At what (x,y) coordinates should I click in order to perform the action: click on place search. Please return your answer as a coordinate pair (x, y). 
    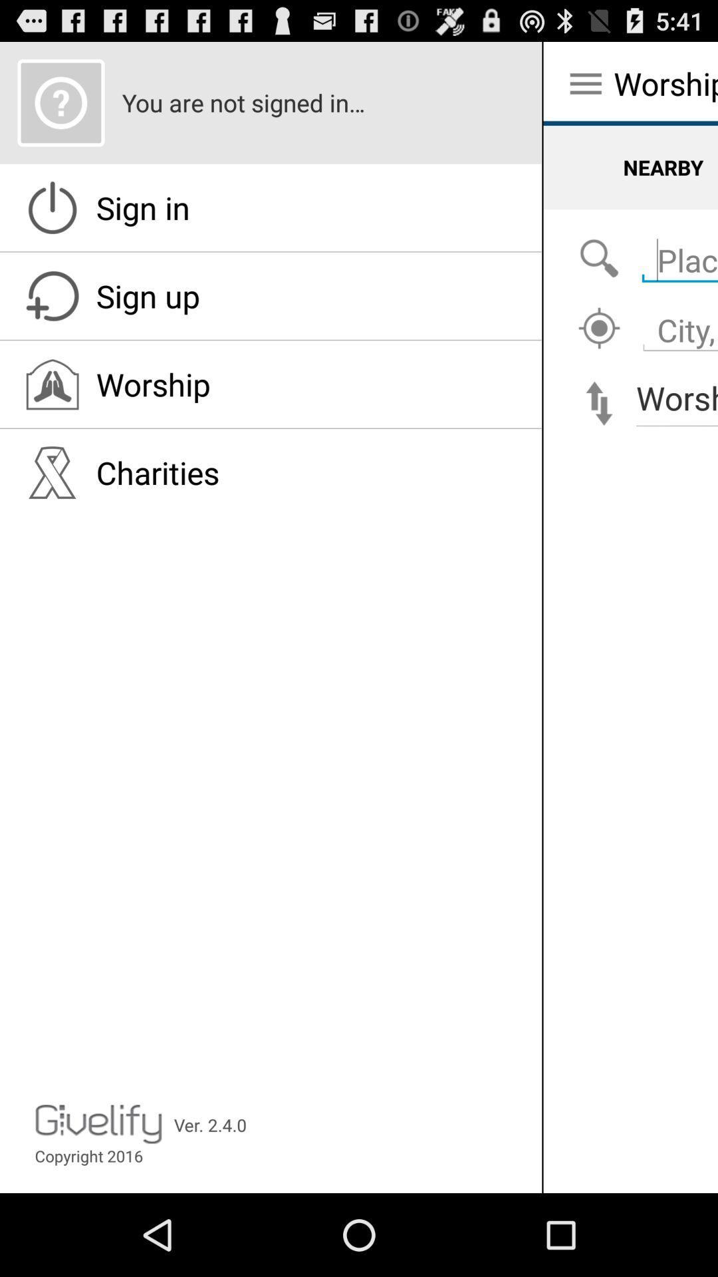
    Looking at the image, I should click on (599, 259).